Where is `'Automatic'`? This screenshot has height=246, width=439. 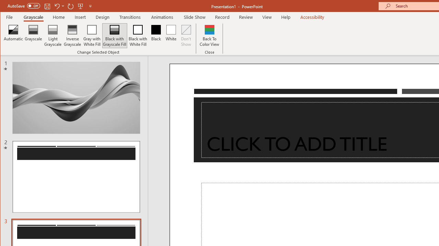 'Automatic' is located at coordinates (13, 36).